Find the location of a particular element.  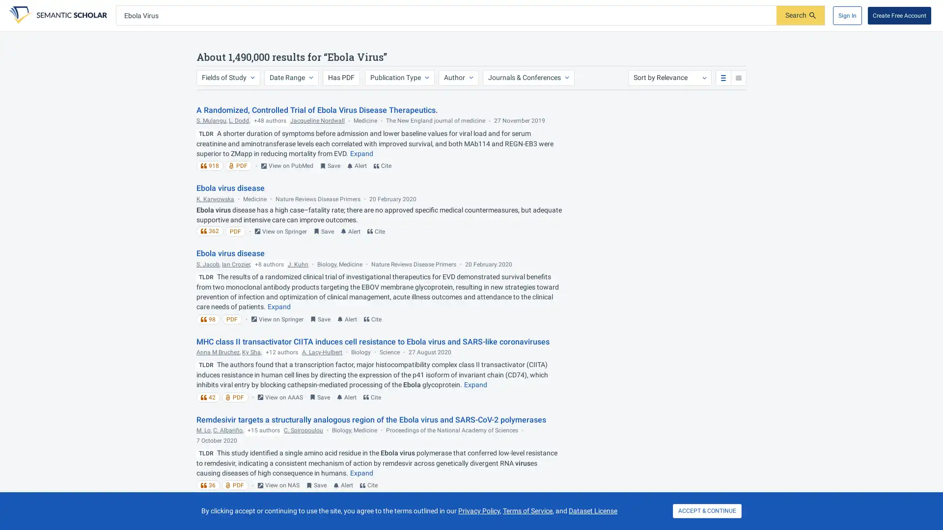

Author is located at coordinates (457, 77).